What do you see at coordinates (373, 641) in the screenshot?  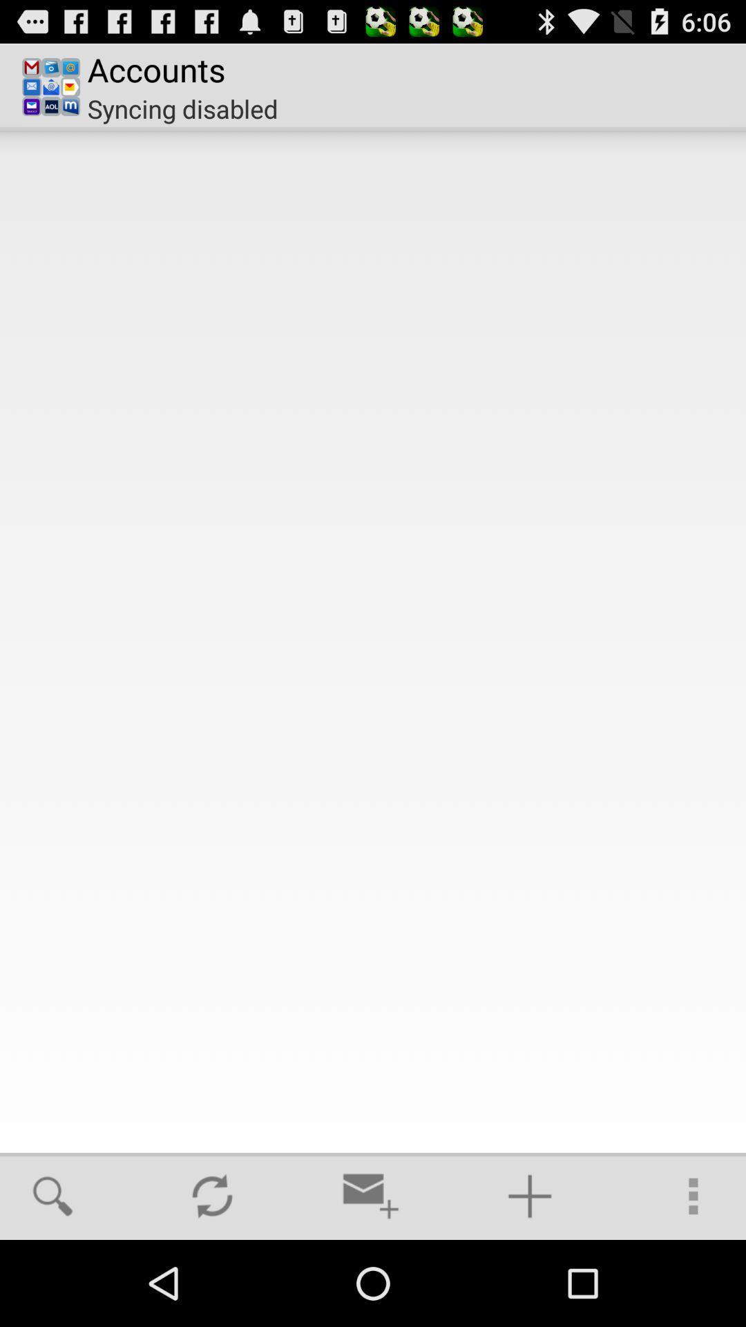 I see `the icon below syncing disabled icon` at bounding box center [373, 641].